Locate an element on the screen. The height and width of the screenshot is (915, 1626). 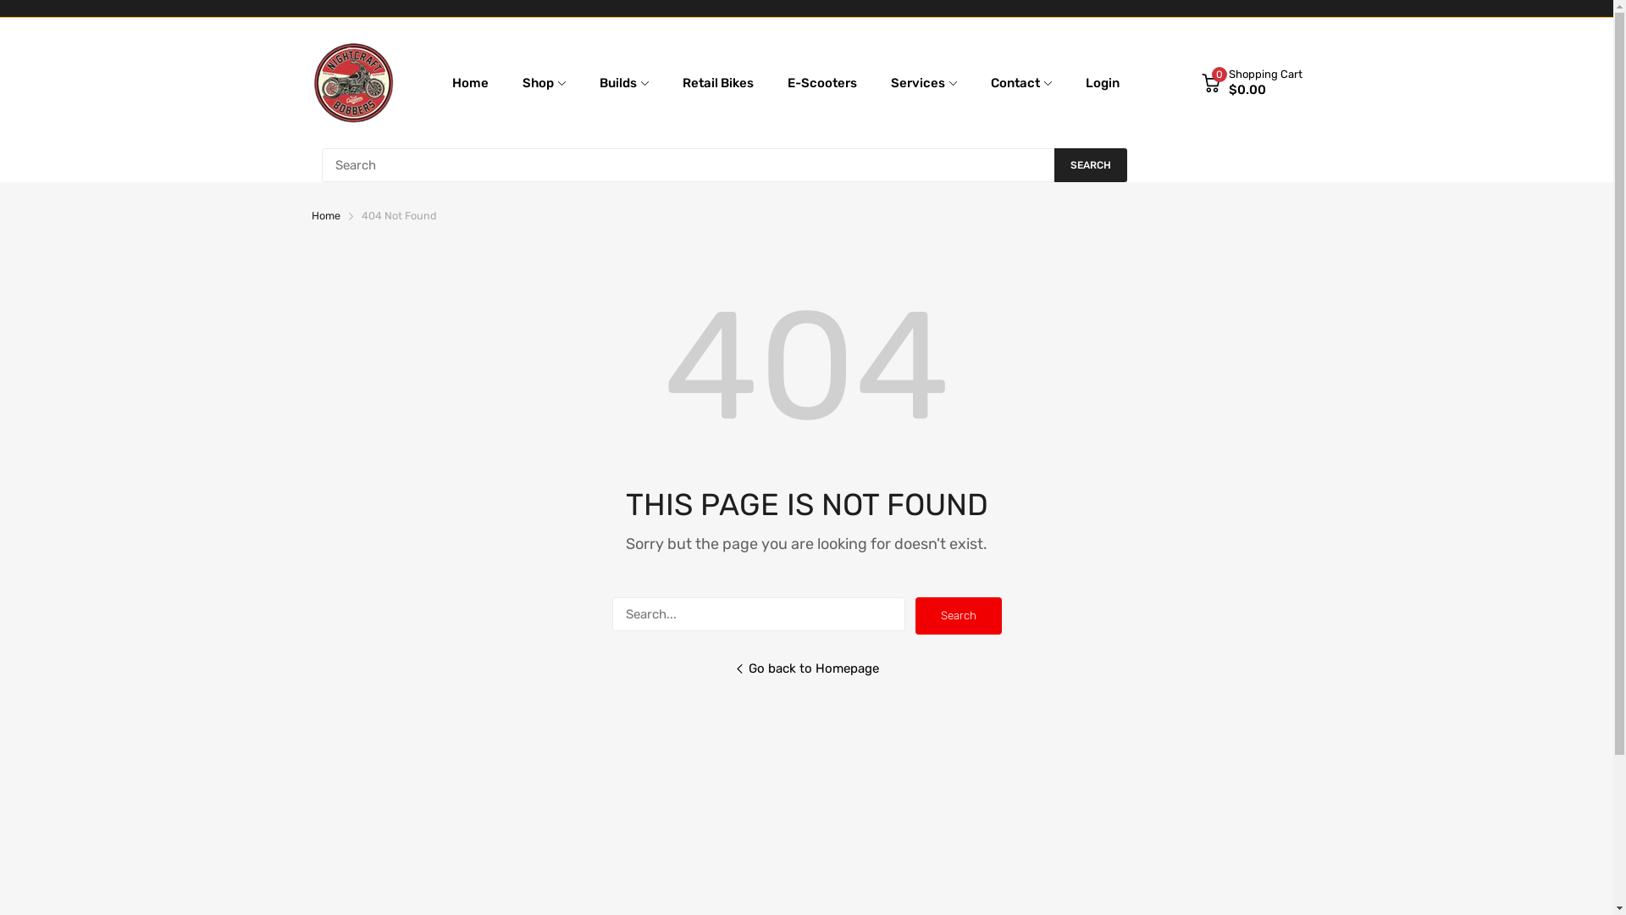
'Go back to Homepage' is located at coordinates (805, 680).